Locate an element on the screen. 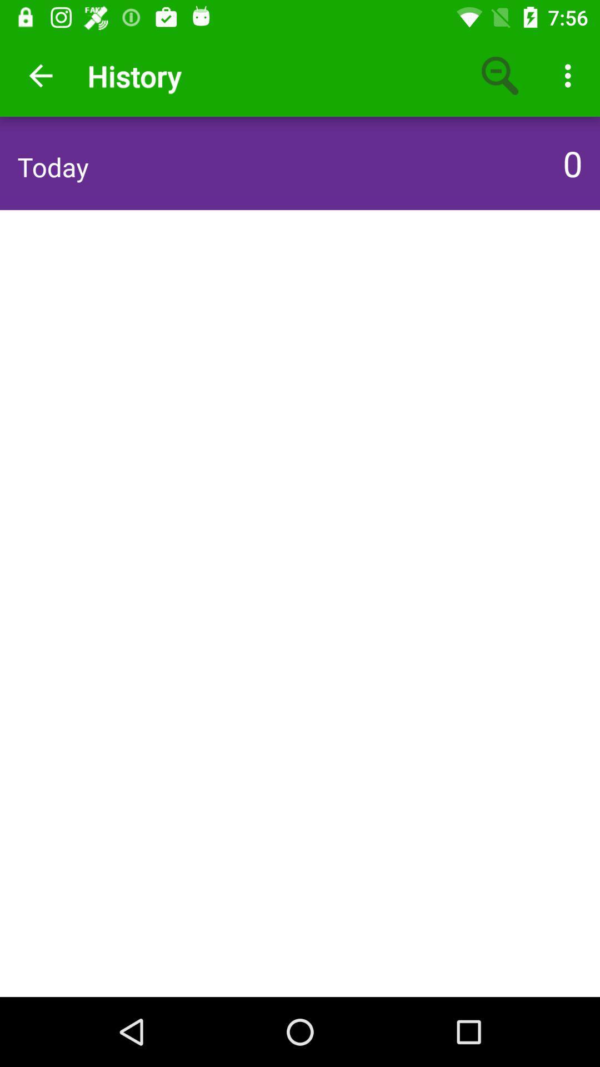 Image resolution: width=600 pixels, height=1067 pixels. 0 is located at coordinates (569, 162).